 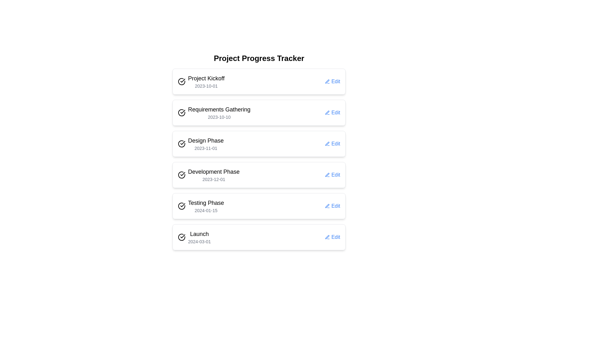 What do you see at coordinates (332, 237) in the screenshot?
I see `the 'Edit' button located at the bottom of the 'Launch 2024-03-01' card` at bounding box center [332, 237].